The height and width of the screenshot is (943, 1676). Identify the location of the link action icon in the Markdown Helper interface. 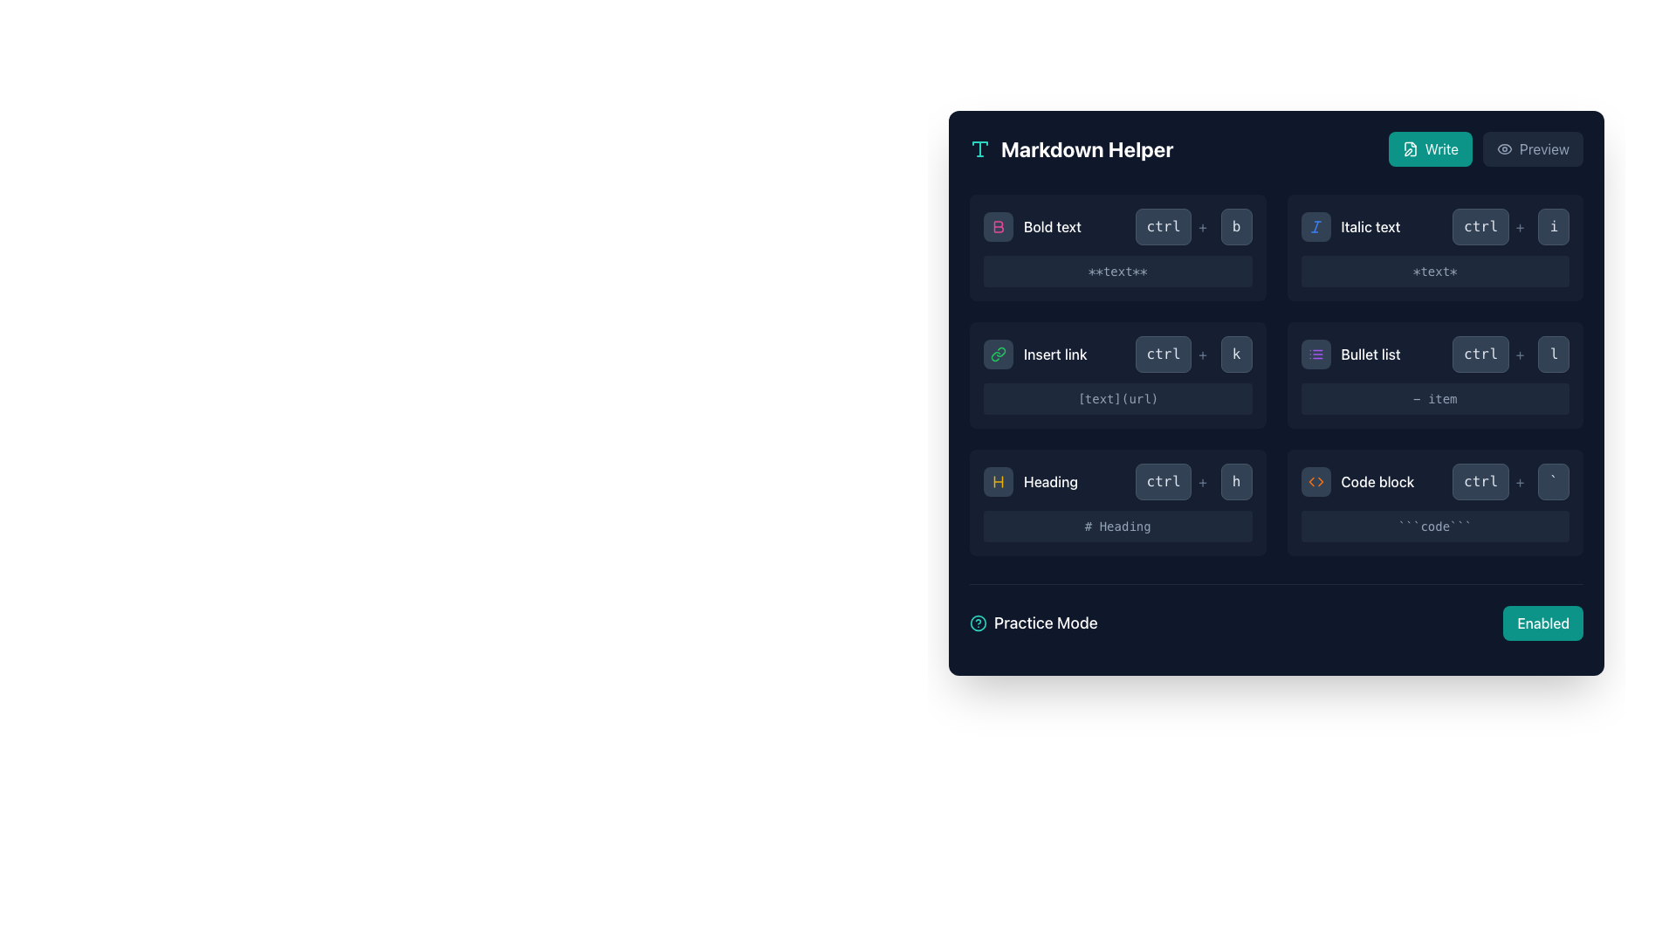
(998, 354).